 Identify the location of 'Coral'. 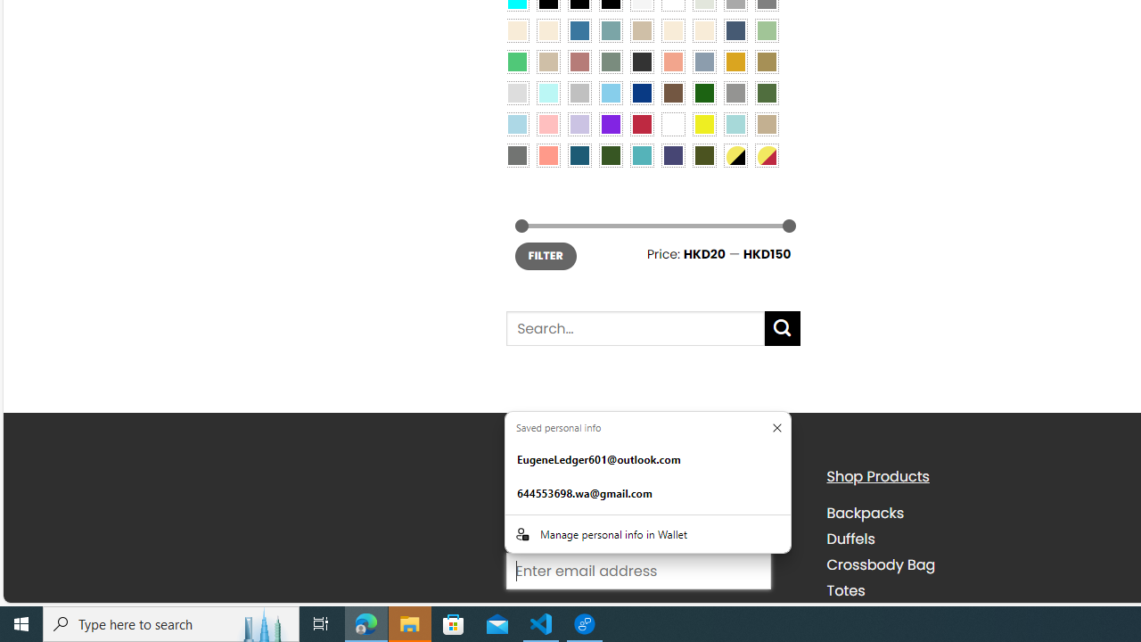
(672, 61).